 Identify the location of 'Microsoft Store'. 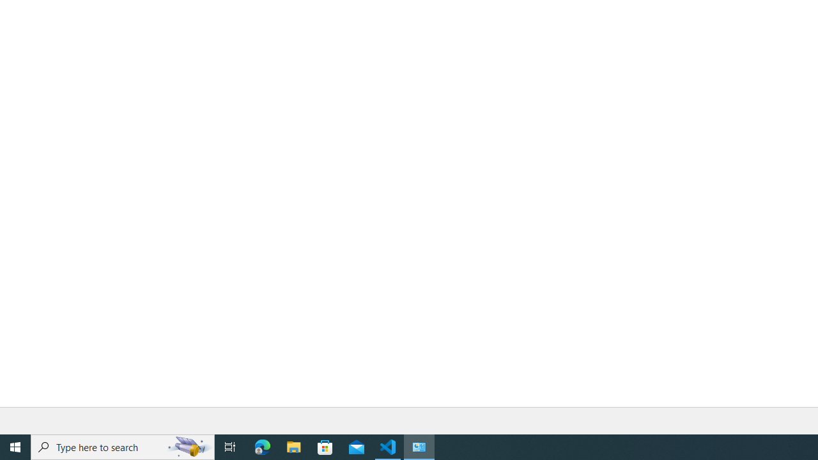
(325, 446).